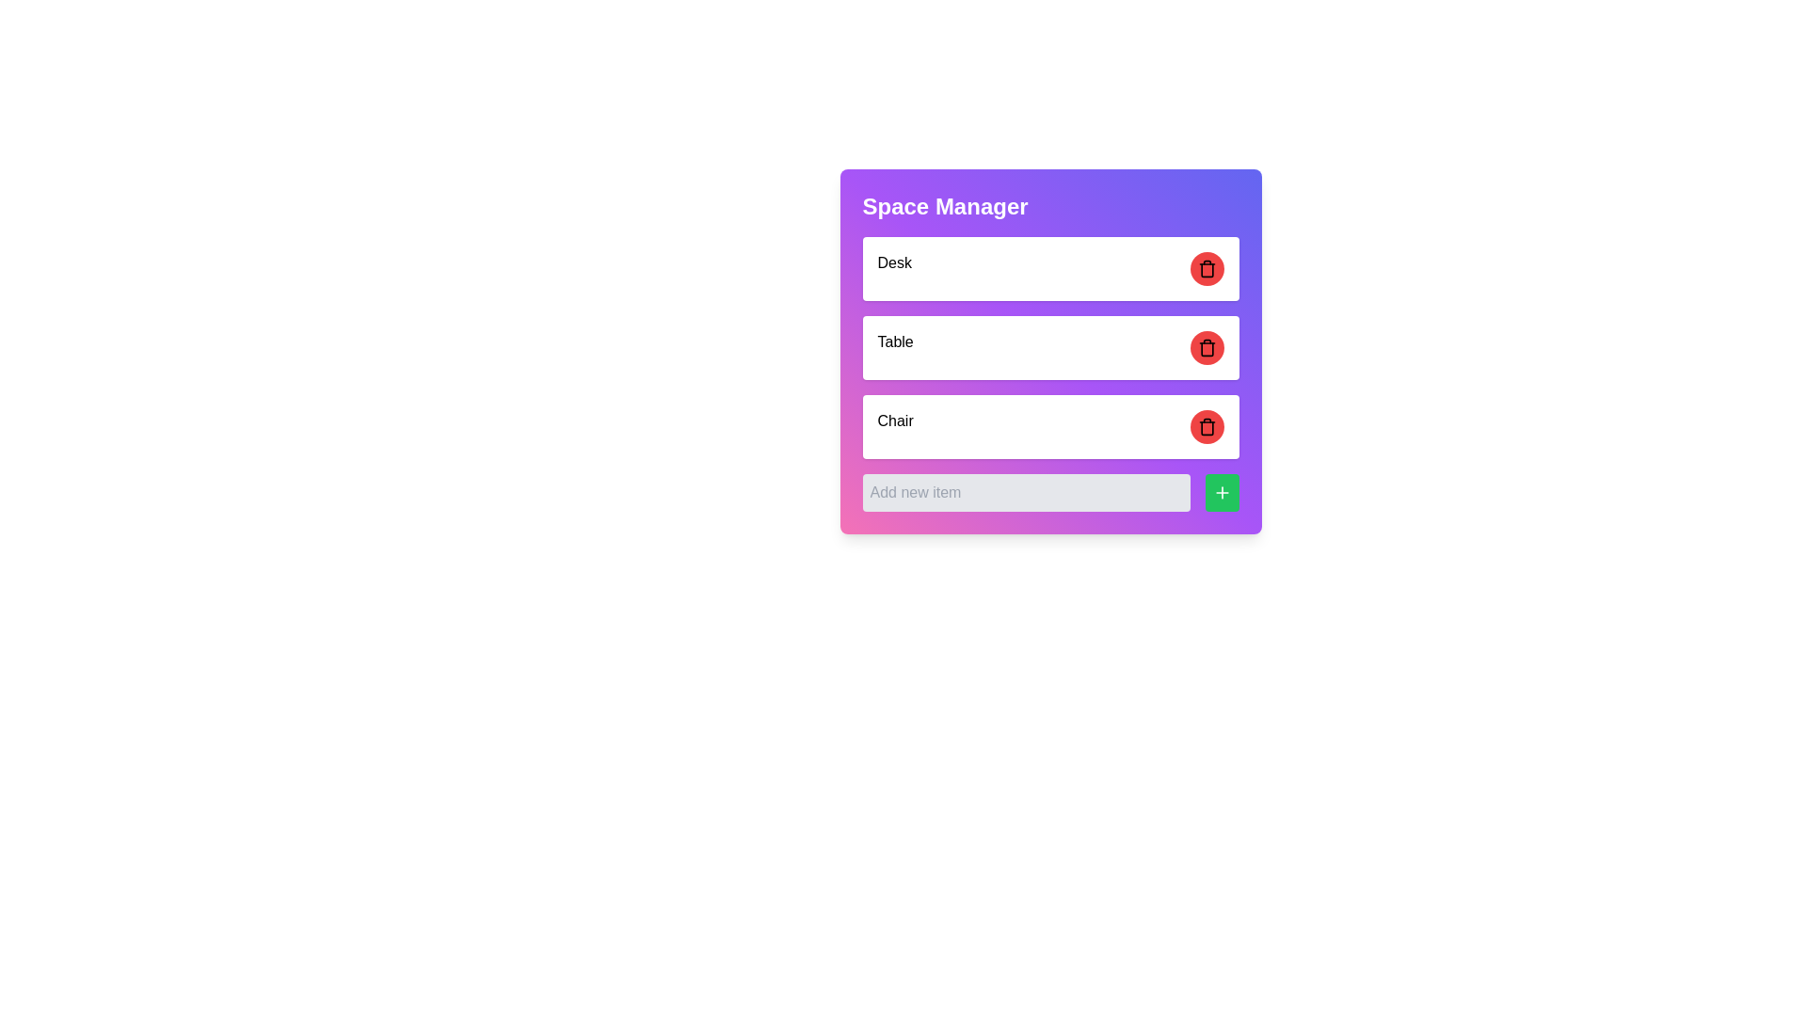 Image resolution: width=1807 pixels, height=1016 pixels. I want to click on the 'Table' list item in the 'Space Manager' card, so click(1049, 373).